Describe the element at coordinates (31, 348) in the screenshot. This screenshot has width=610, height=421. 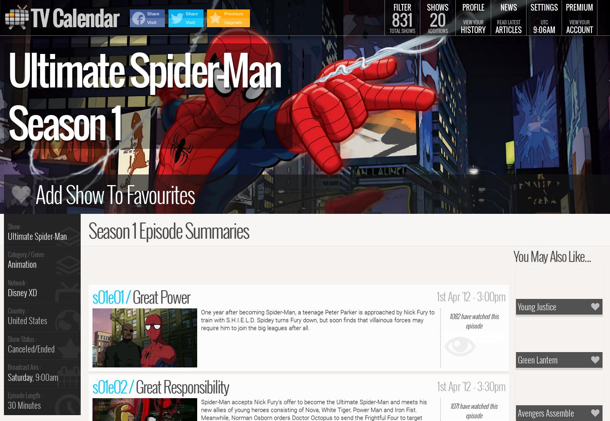
I see `'Canceled/Ended'` at that location.